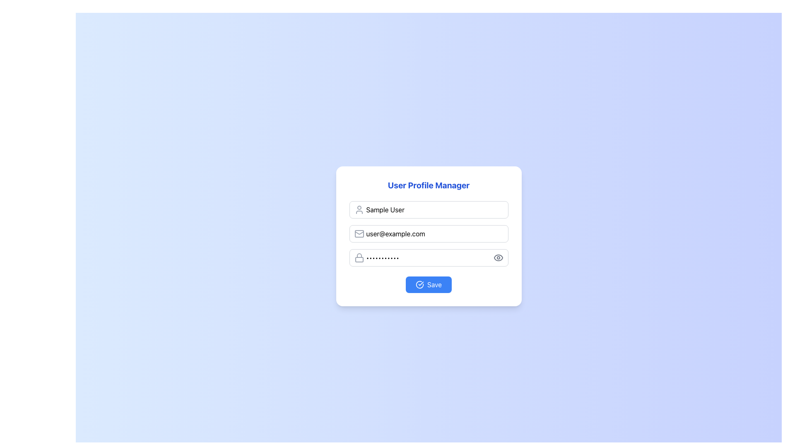  Describe the element at coordinates (429, 284) in the screenshot. I see `the 'Save' button with a blue background and white text, located at the bottom of the 'User Profile Manager' card` at that location.